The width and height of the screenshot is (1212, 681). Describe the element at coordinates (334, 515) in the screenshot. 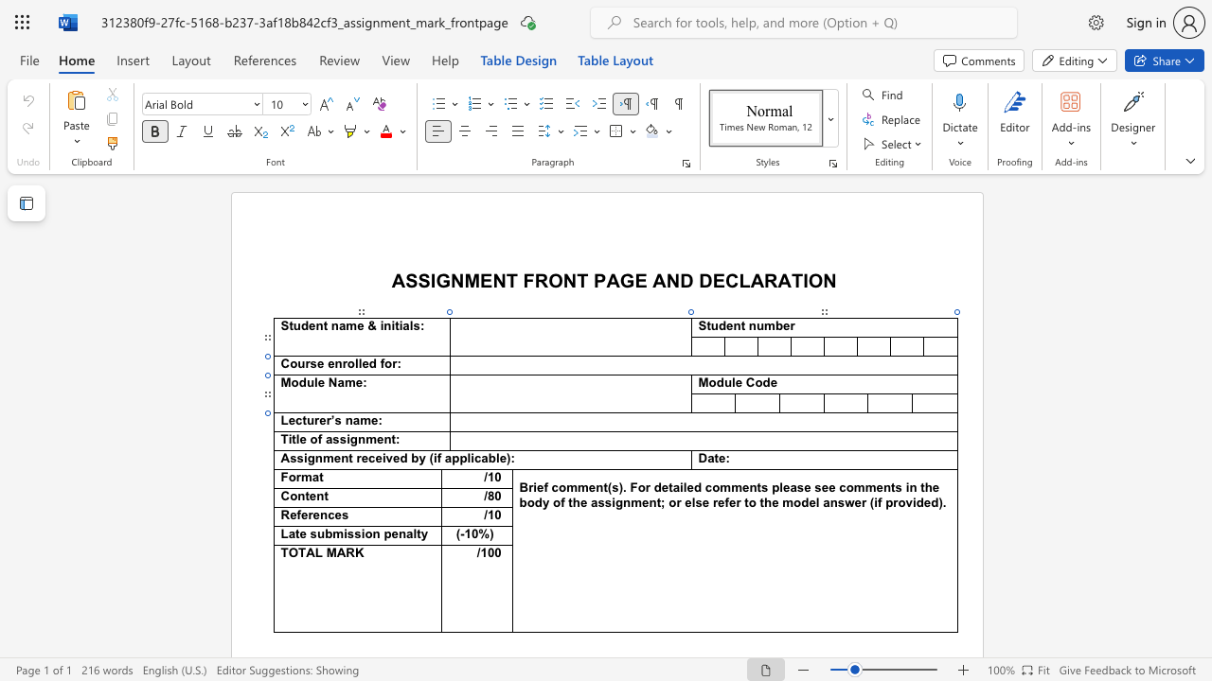

I see `the space between the continuous character "c" and "e" in the text` at that location.